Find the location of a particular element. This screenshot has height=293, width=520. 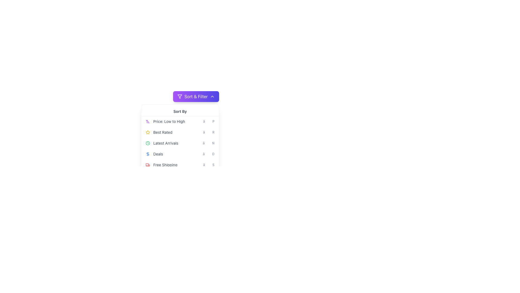

the reset button located at the bottom of the filter options panel to clear all currently applied filters and restore the default settings is located at coordinates (180, 179).